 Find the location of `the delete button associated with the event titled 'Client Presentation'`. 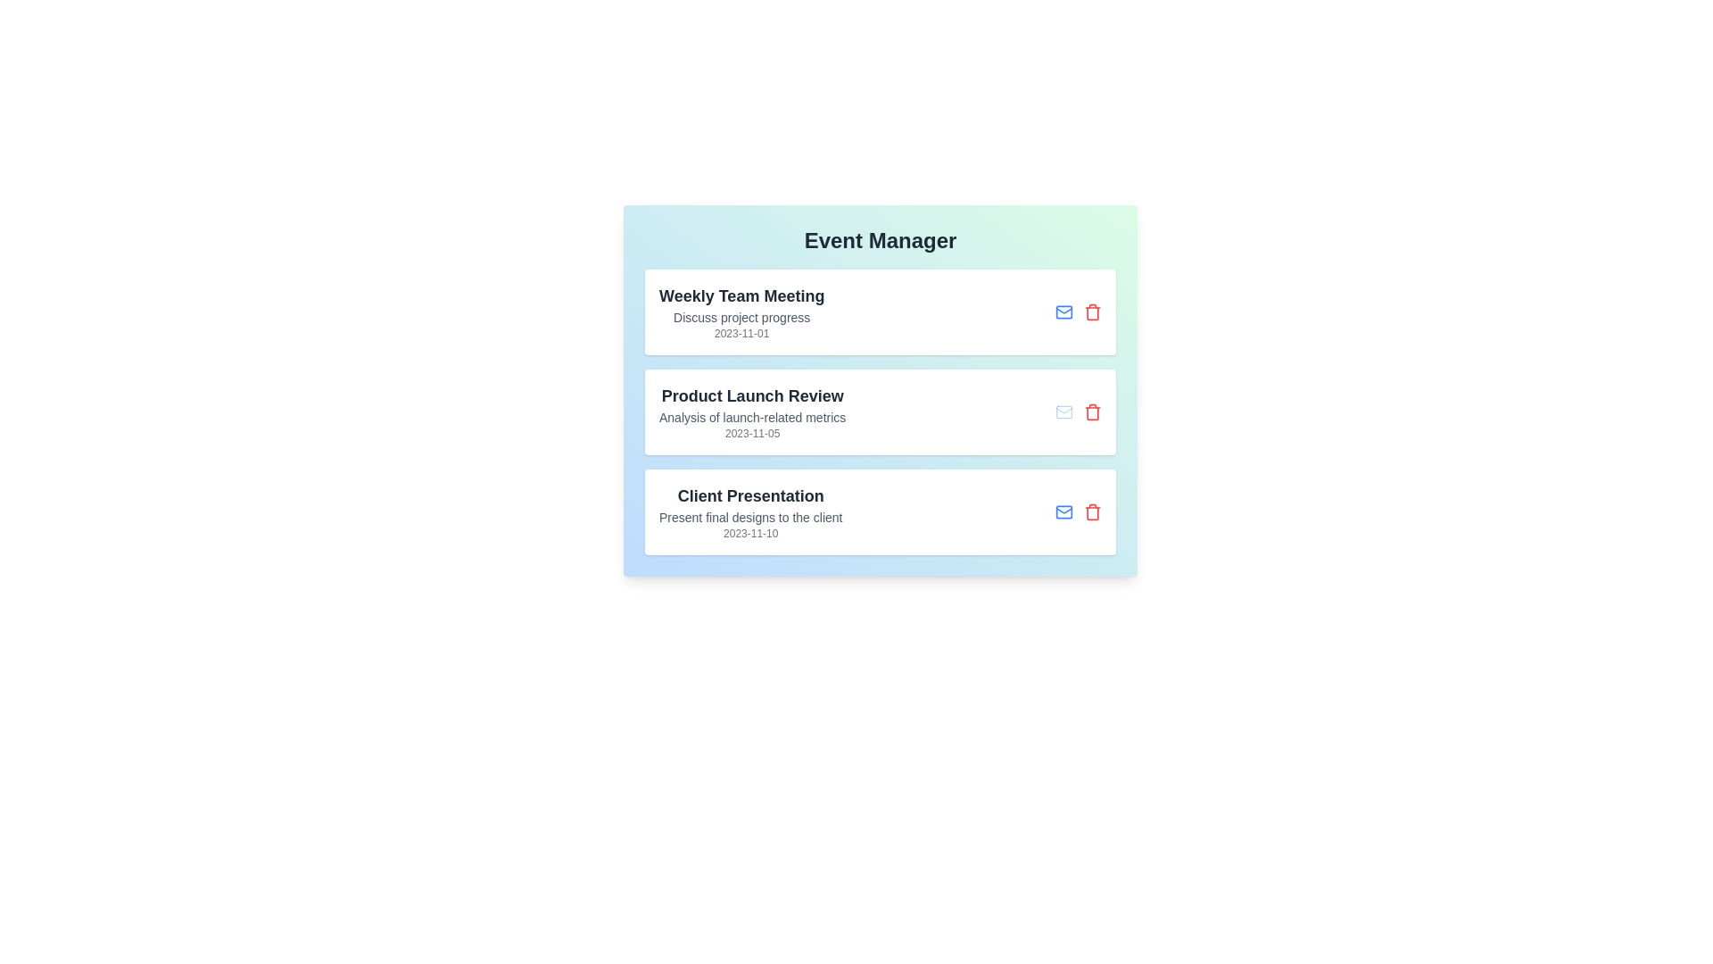

the delete button associated with the event titled 'Client Presentation' is located at coordinates (1091, 512).